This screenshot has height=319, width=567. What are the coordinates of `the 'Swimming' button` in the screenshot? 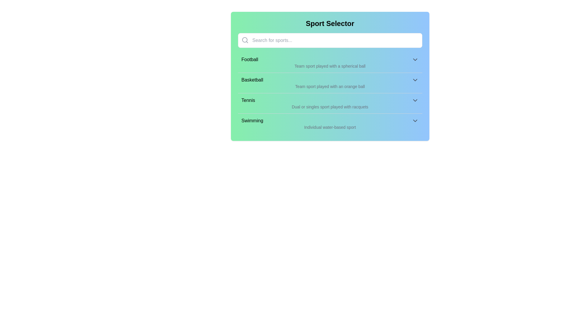 It's located at (330, 120).